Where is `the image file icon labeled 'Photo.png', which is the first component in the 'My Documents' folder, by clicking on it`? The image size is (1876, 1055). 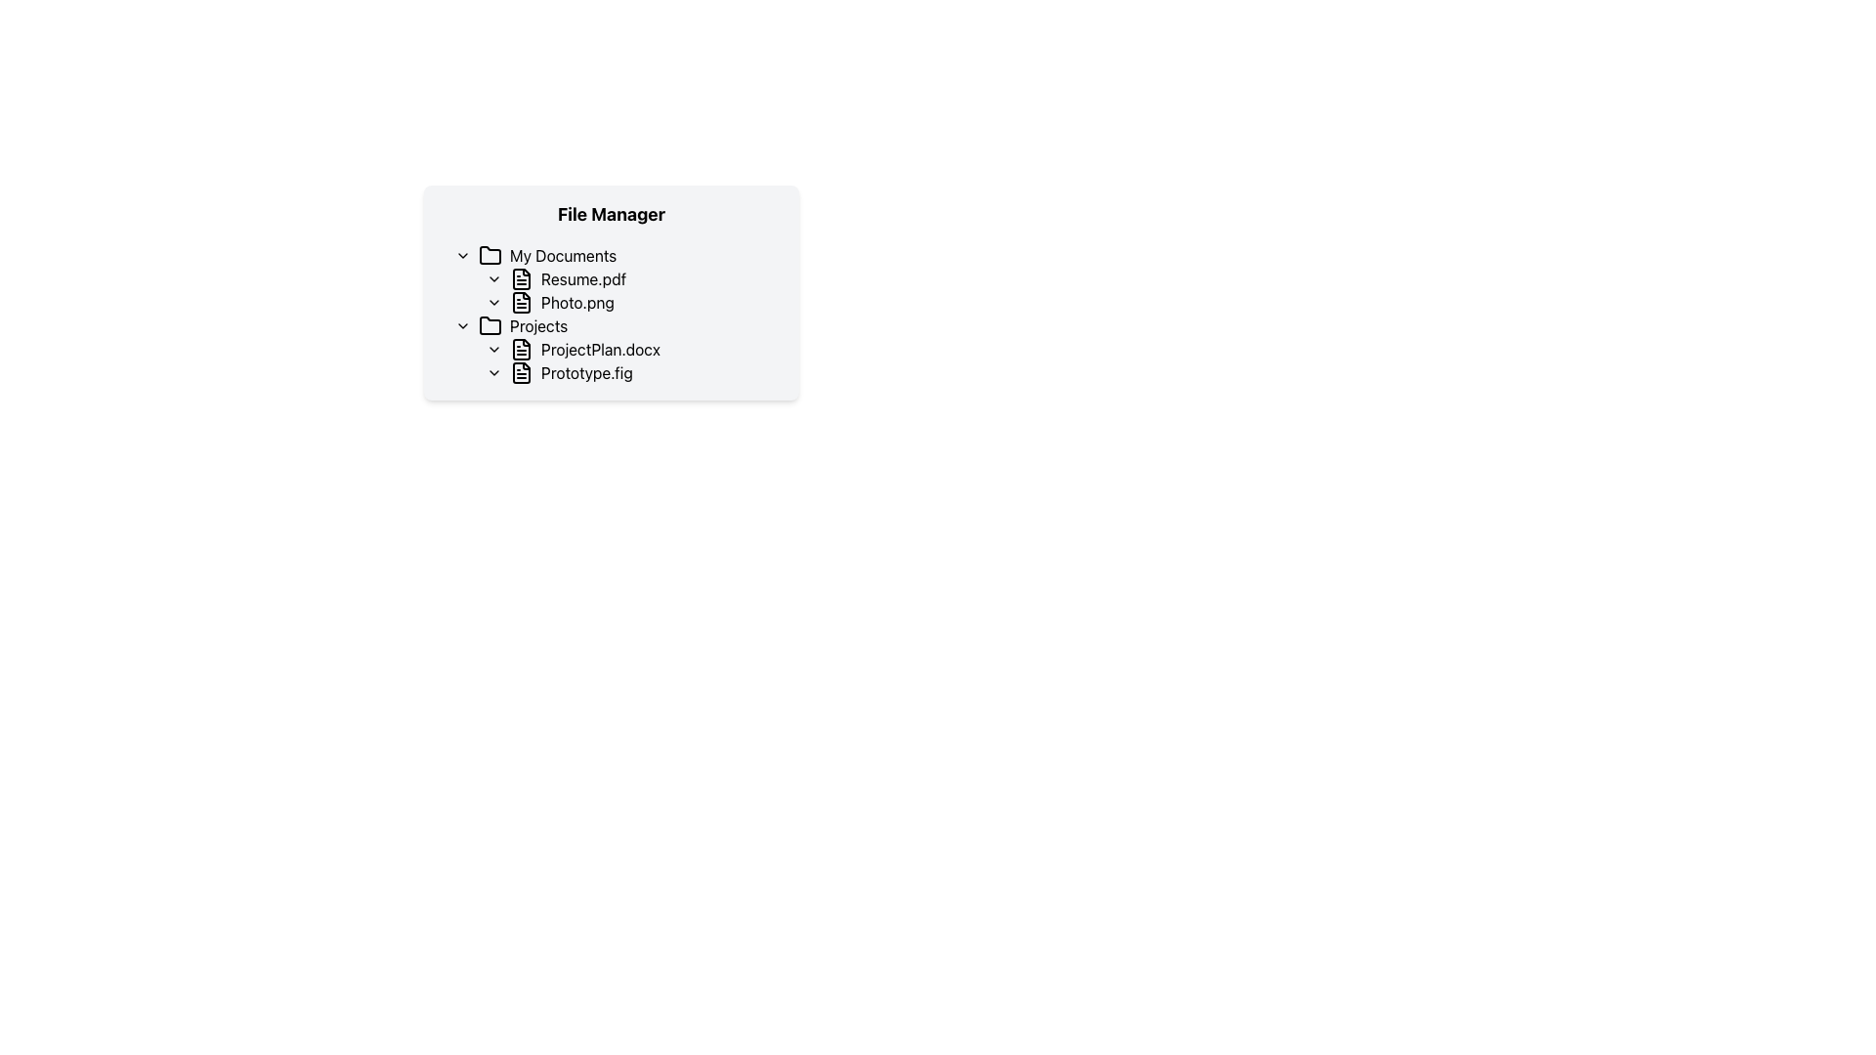
the image file icon labeled 'Photo.png', which is the first component in the 'My Documents' folder, by clicking on it is located at coordinates (521, 302).